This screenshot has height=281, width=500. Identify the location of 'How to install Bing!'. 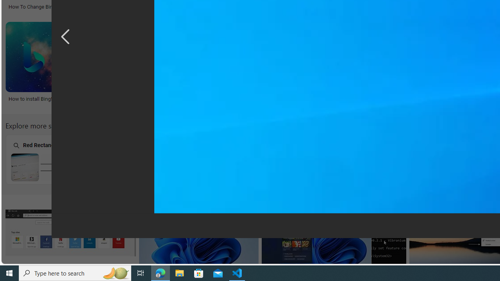
(30, 98).